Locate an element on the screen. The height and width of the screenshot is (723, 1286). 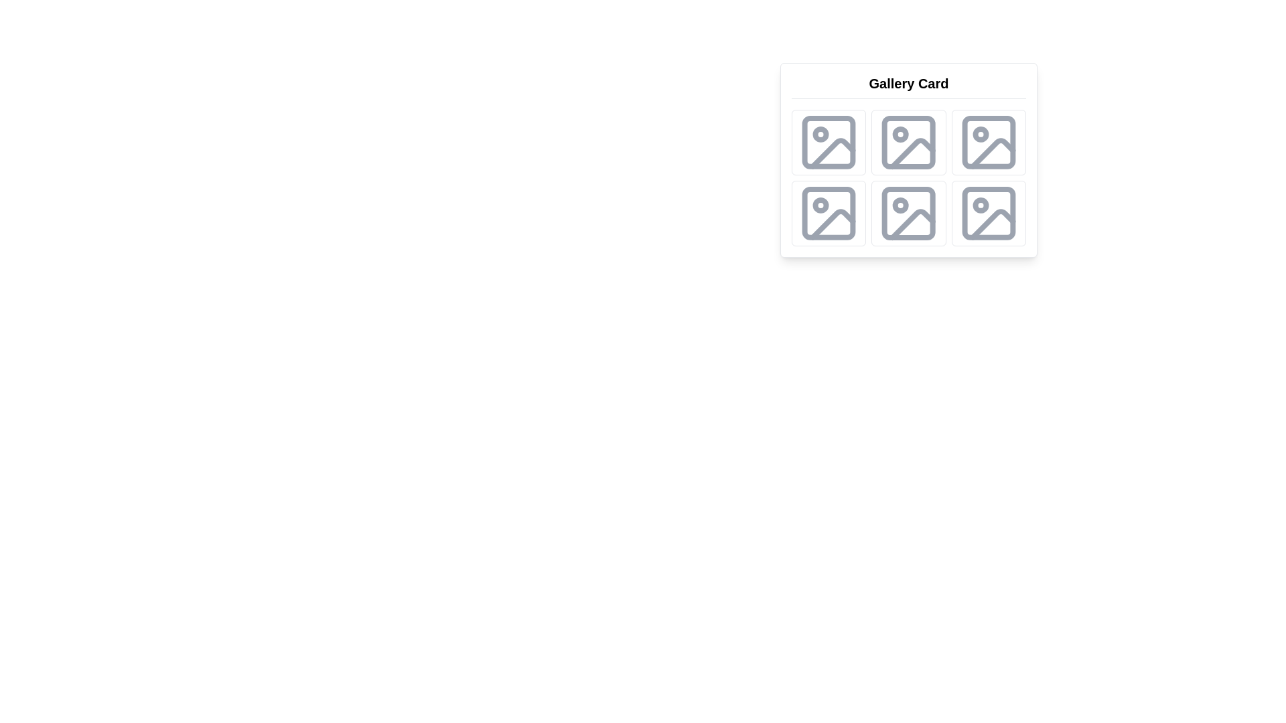
the third visual card located in the top right corner of the grid layout, which is used to represent an image or gallery entry is located at coordinates (989, 142).